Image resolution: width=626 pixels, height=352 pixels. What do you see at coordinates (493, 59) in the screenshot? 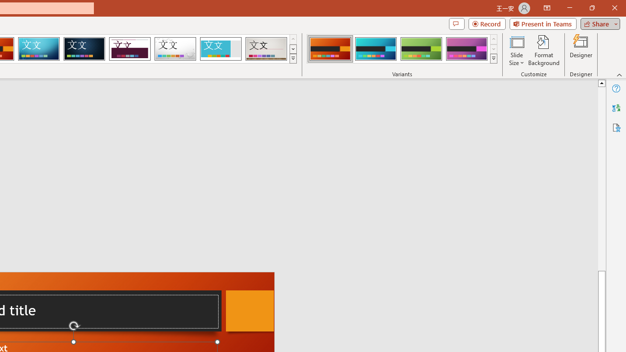
I see `'Variants'` at bounding box center [493, 59].